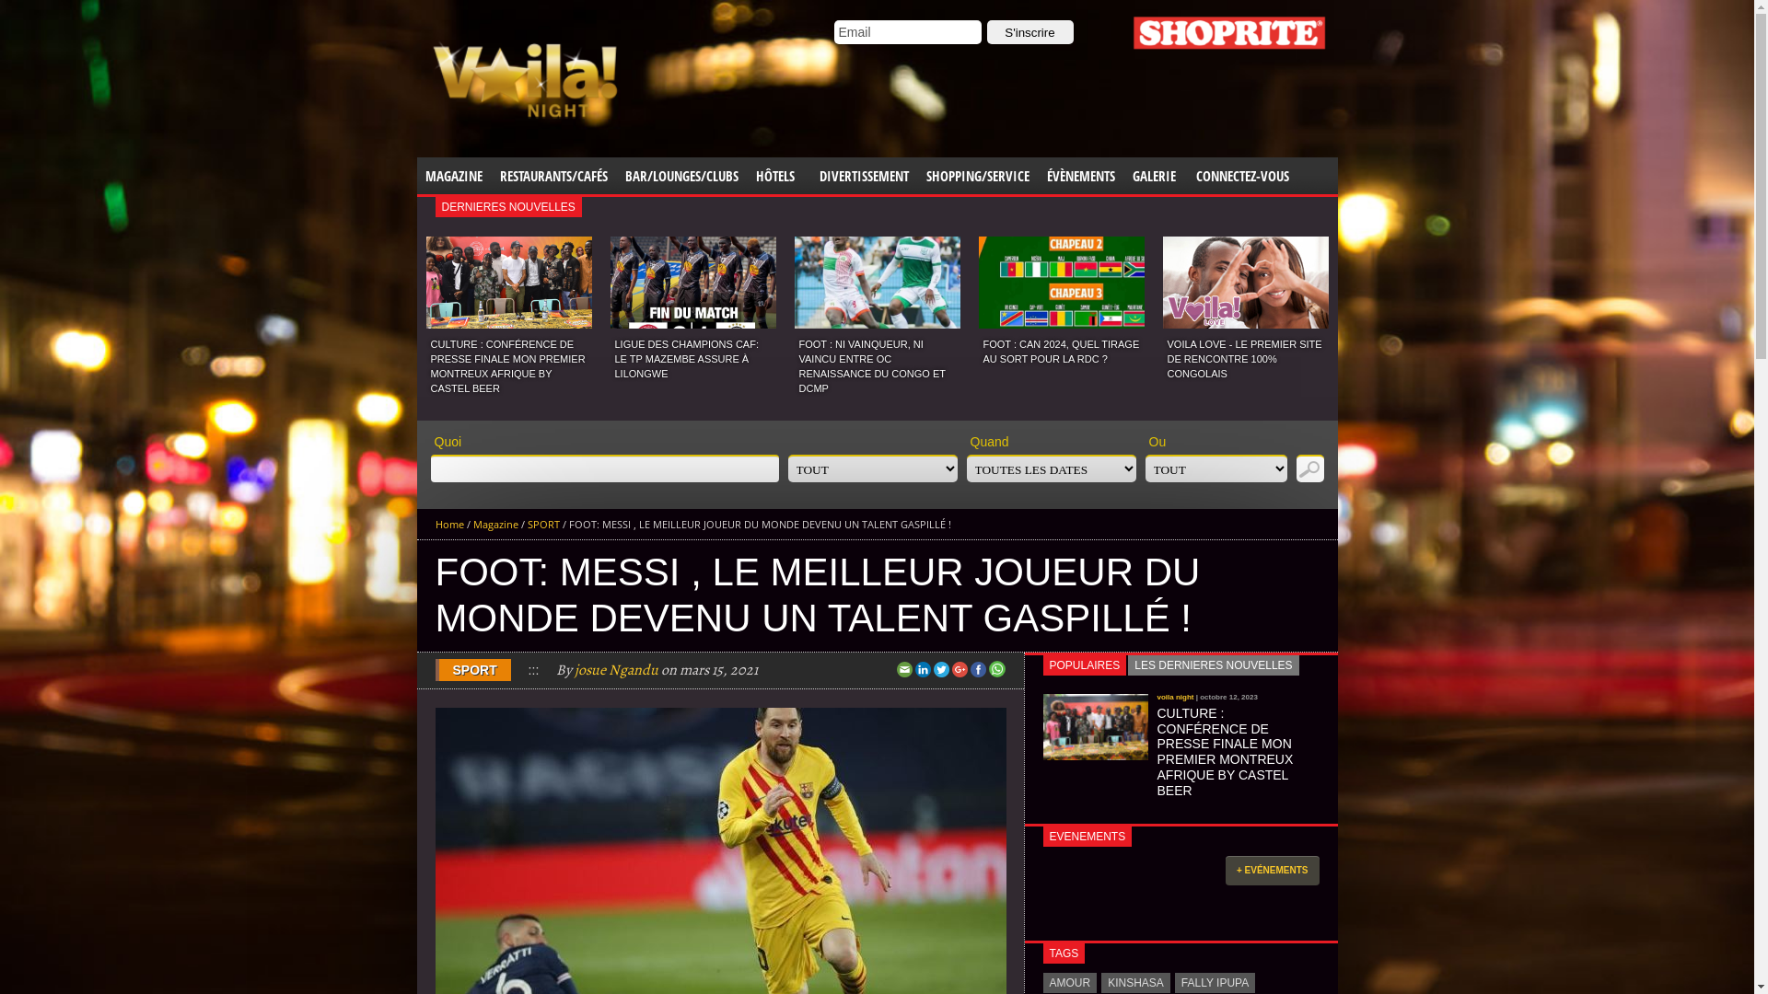  What do you see at coordinates (988, 668) in the screenshot?
I see `'Share this on WhatsApp'` at bounding box center [988, 668].